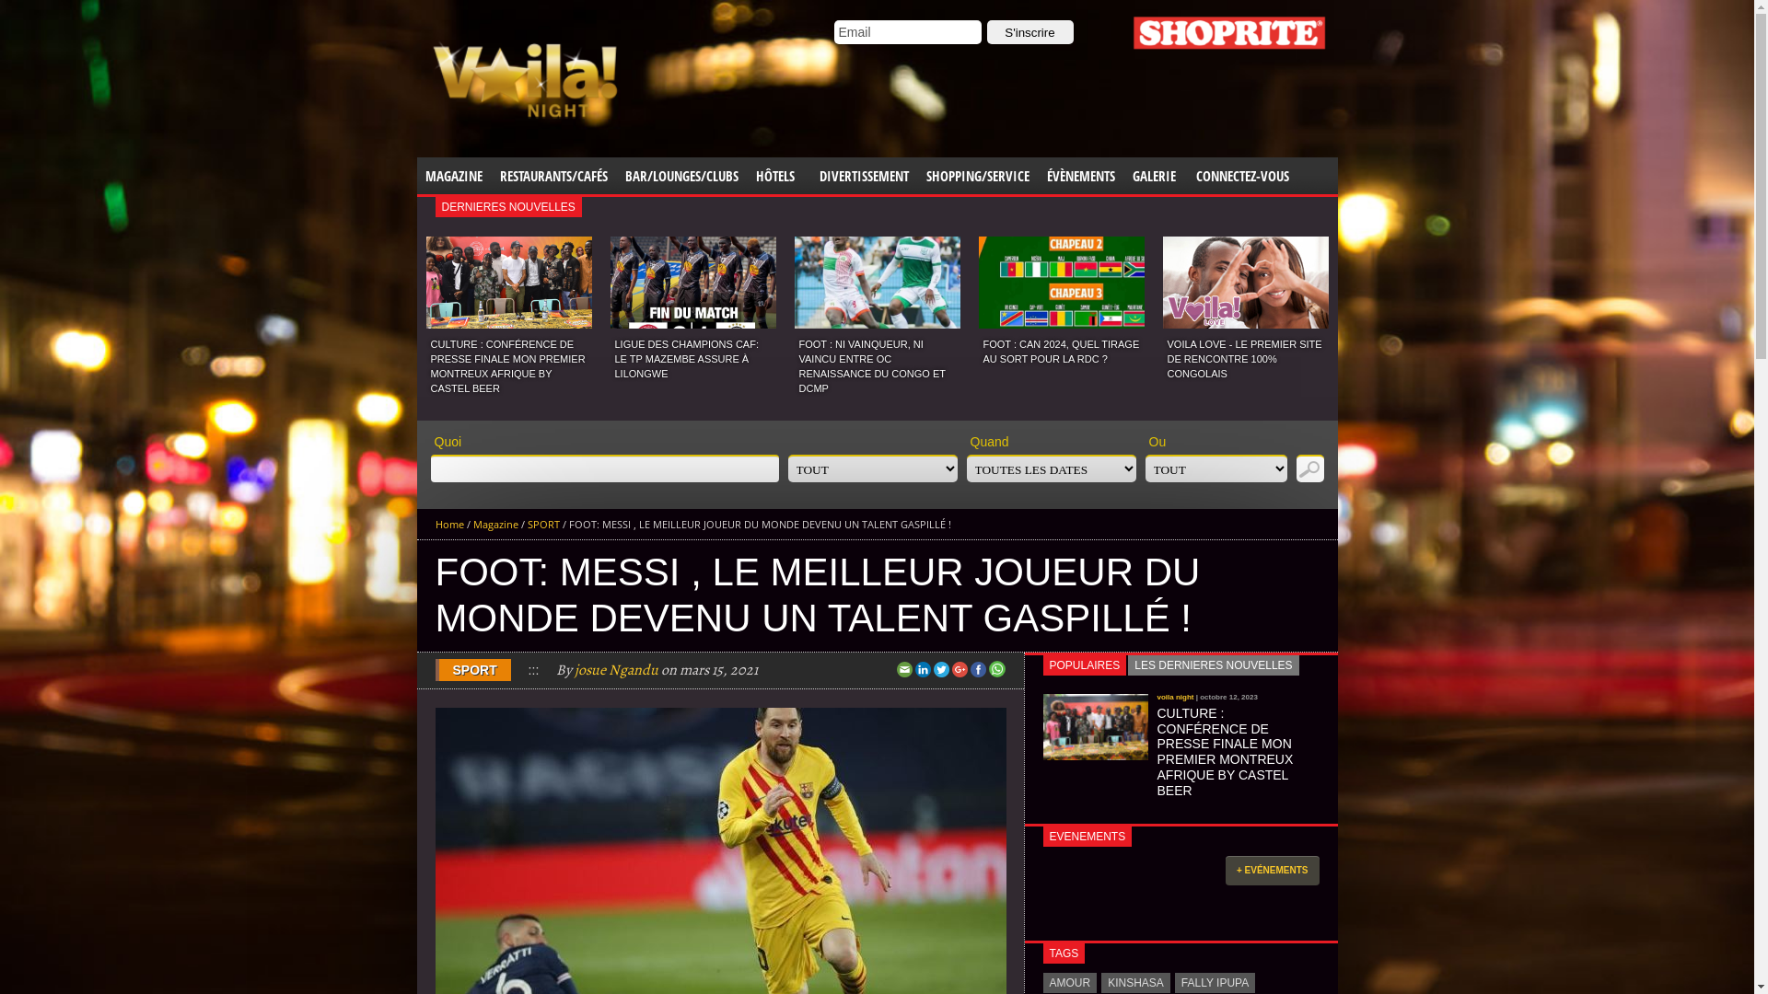  What do you see at coordinates (988, 668) in the screenshot?
I see `'Share this on WhatsApp'` at bounding box center [988, 668].